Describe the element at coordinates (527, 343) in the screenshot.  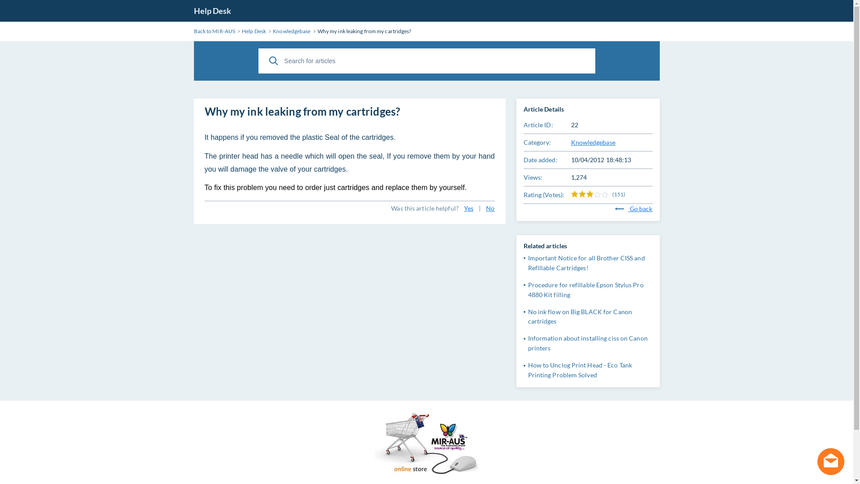
I see `'Information about installing ciss on Canon printers'` at that location.